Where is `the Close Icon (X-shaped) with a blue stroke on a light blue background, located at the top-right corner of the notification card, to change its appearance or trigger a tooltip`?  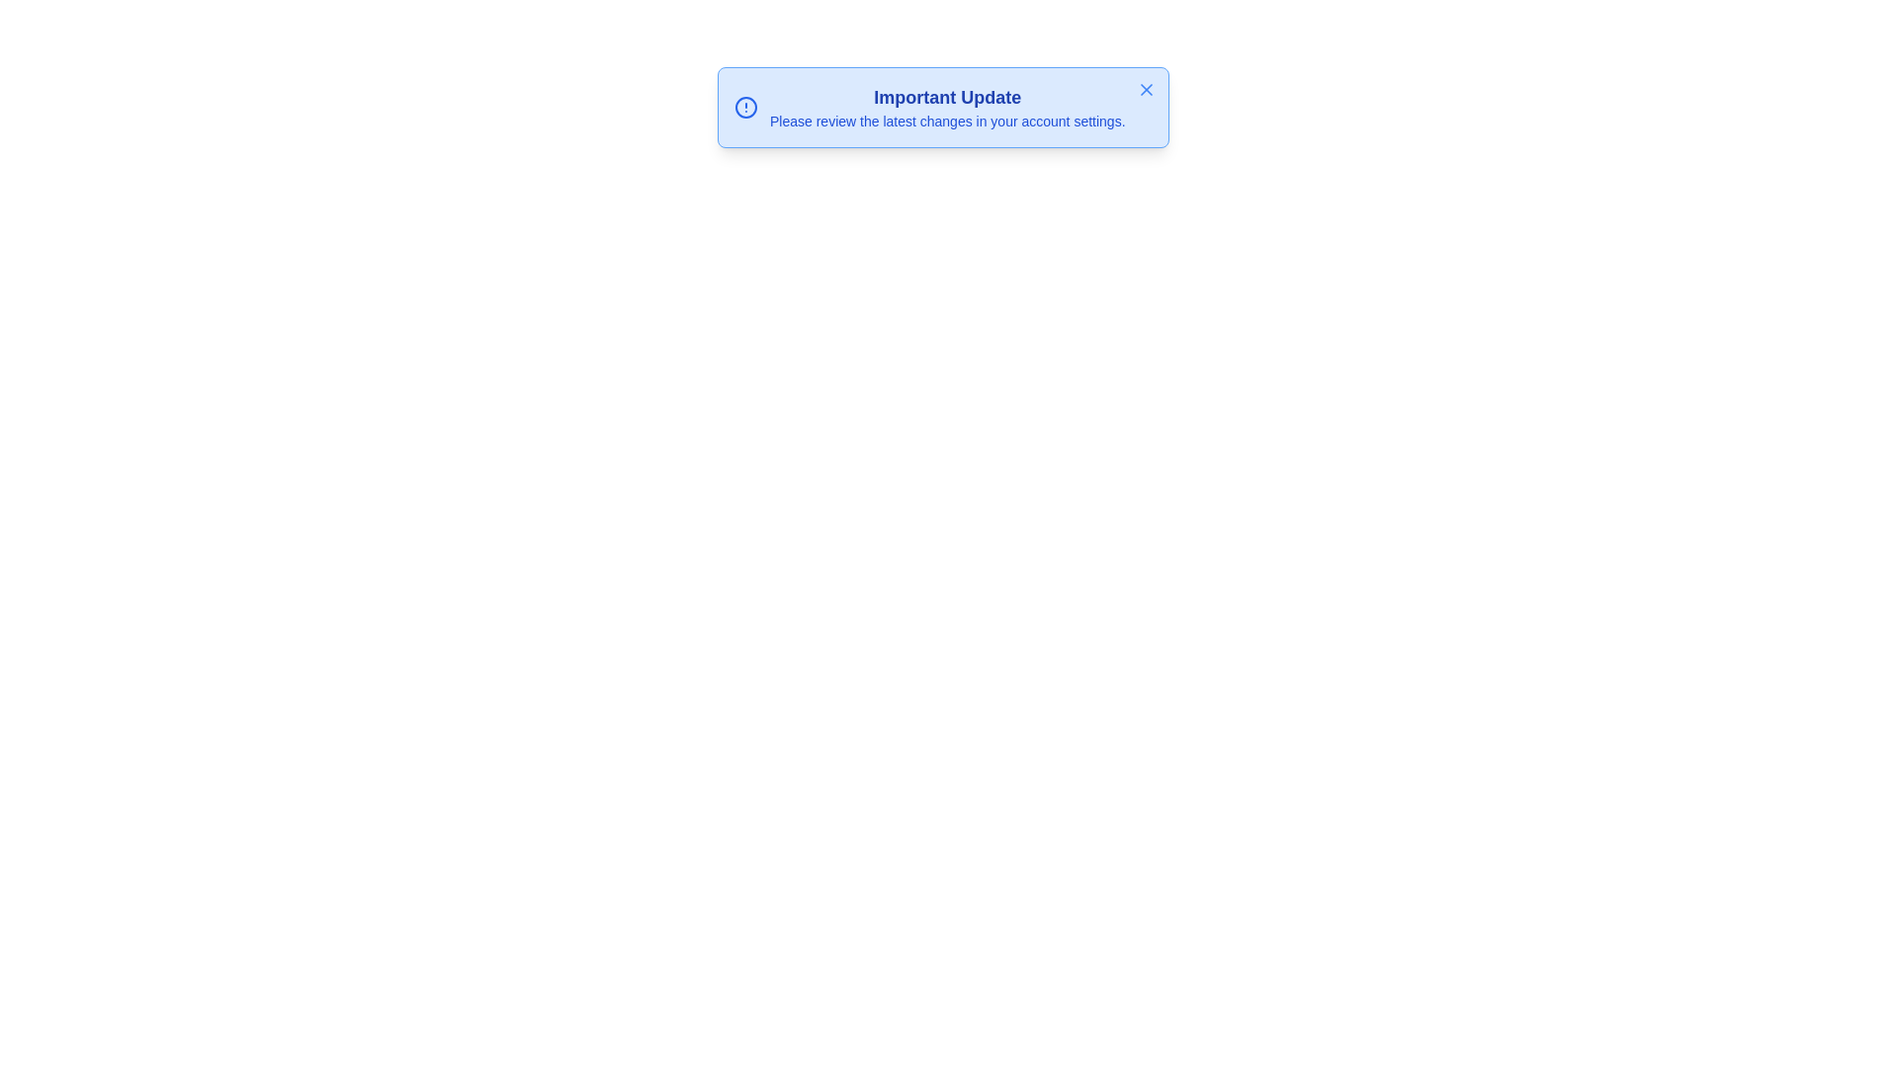
the Close Icon (X-shaped) with a blue stroke on a light blue background, located at the top-right corner of the notification card, to change its appearance or trigger a tooltip is located at coordinates (1147, 90).